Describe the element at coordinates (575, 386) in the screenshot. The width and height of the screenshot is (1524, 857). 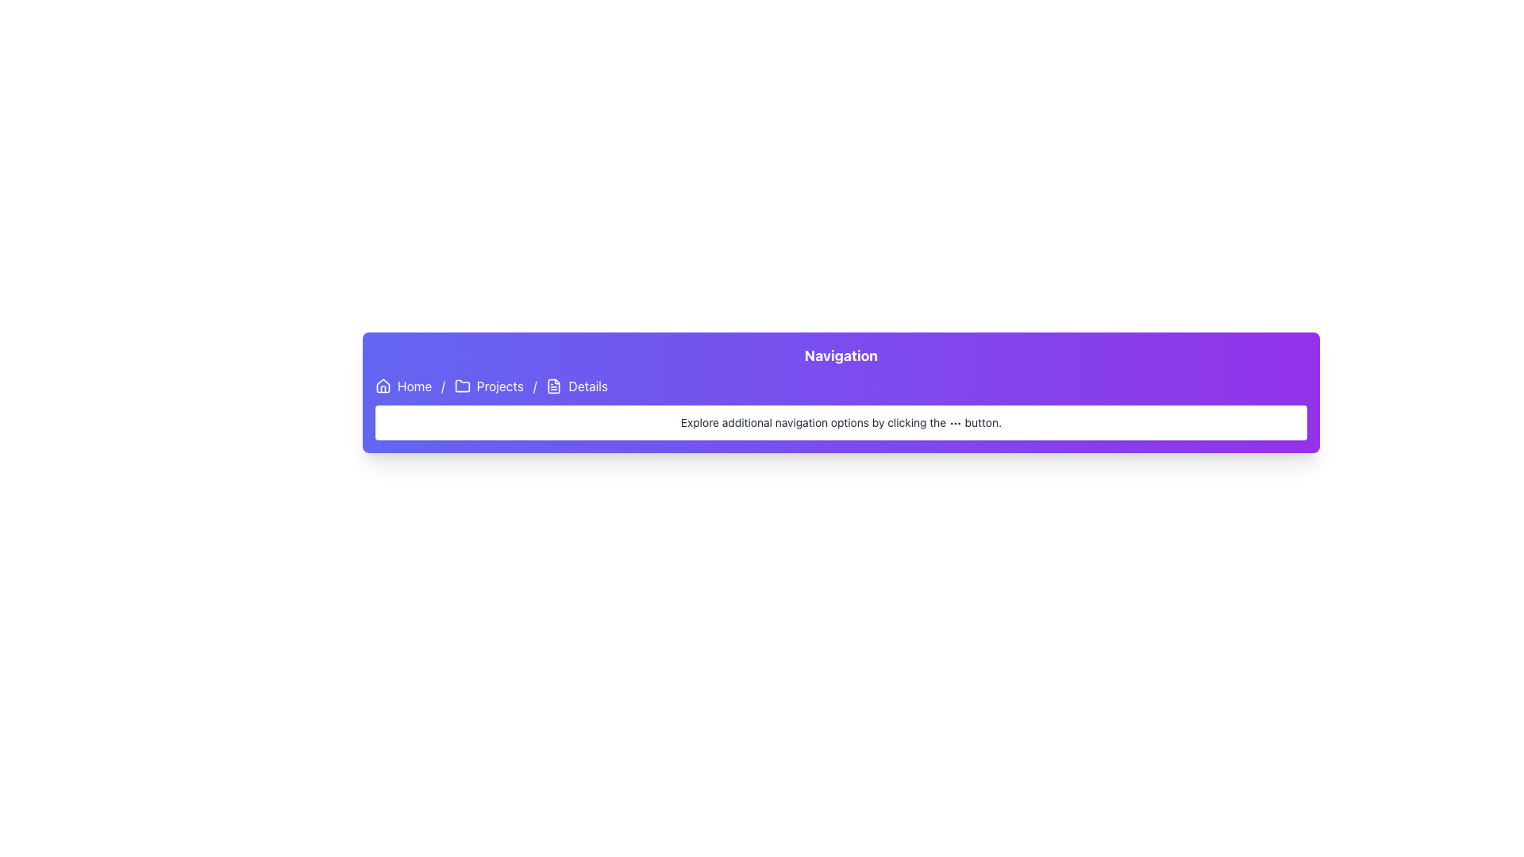
I see `the 'Details' breadcrumb navigation item` at that location.